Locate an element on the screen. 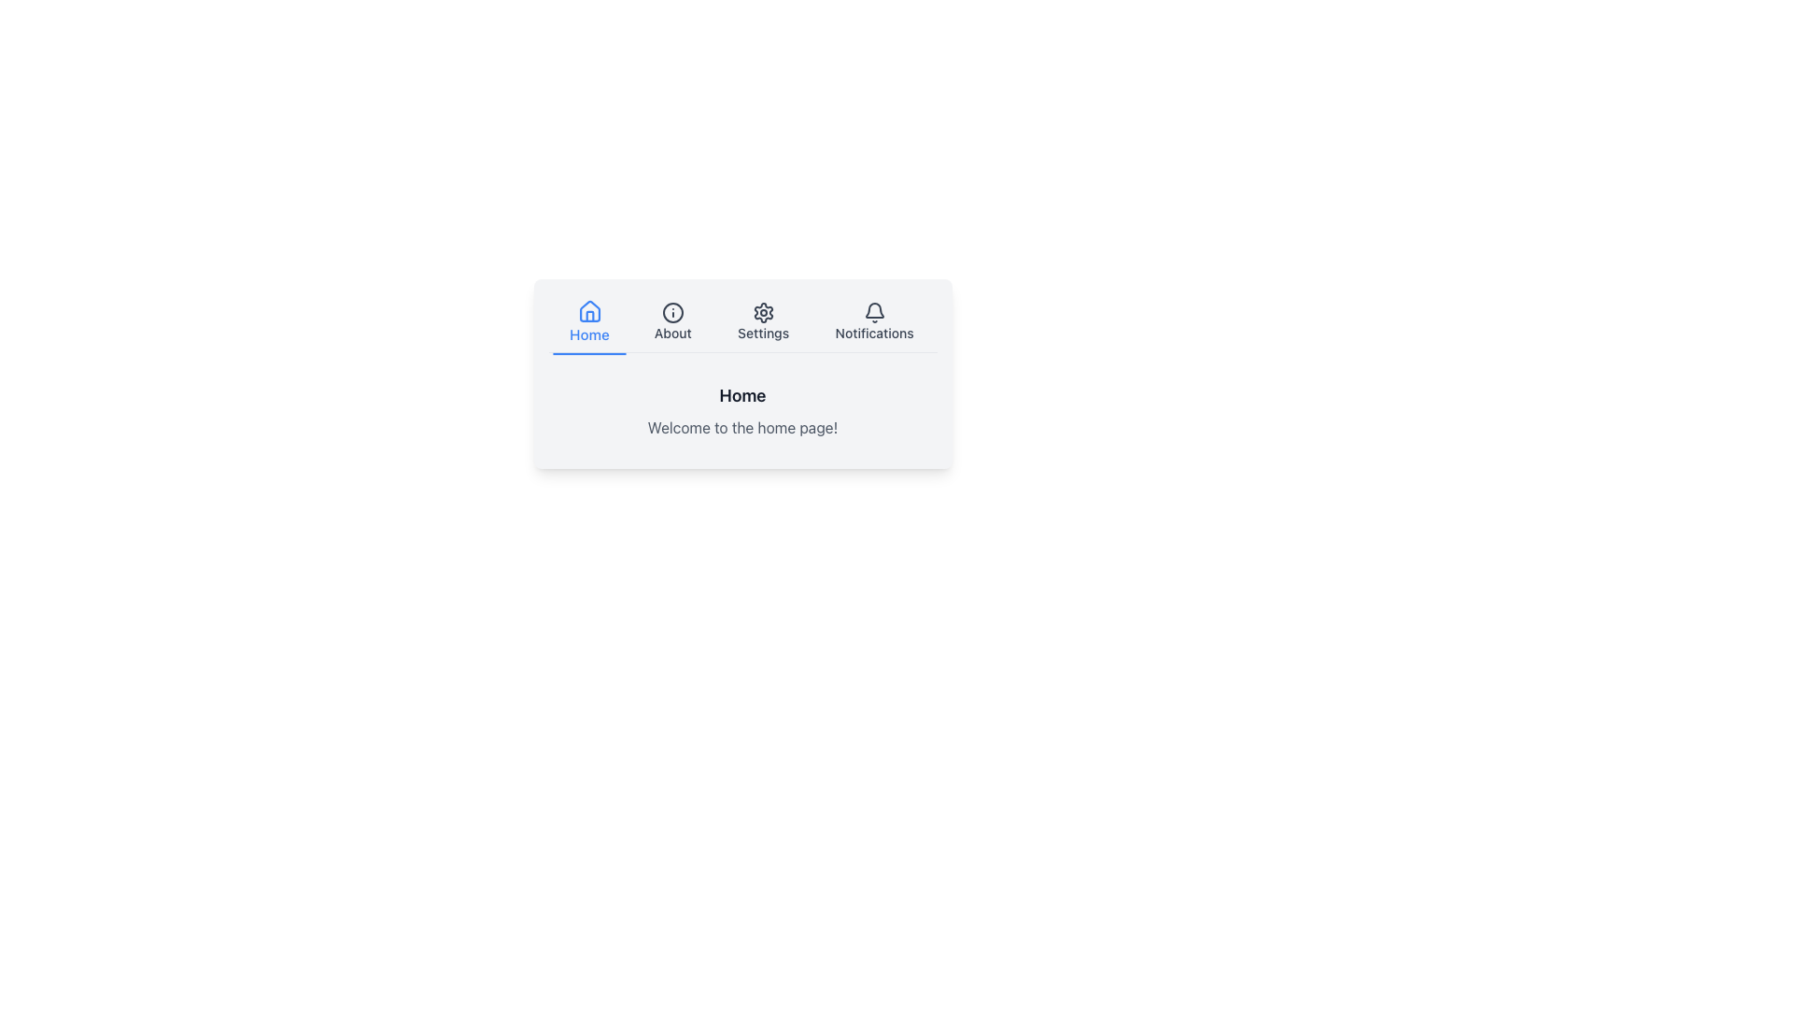 This screenshot has height=1009, width=1793. the text block titled 'Home' which displays 'Welcome to the home page!' located below the navigation options is located at coordinates (741, 409).